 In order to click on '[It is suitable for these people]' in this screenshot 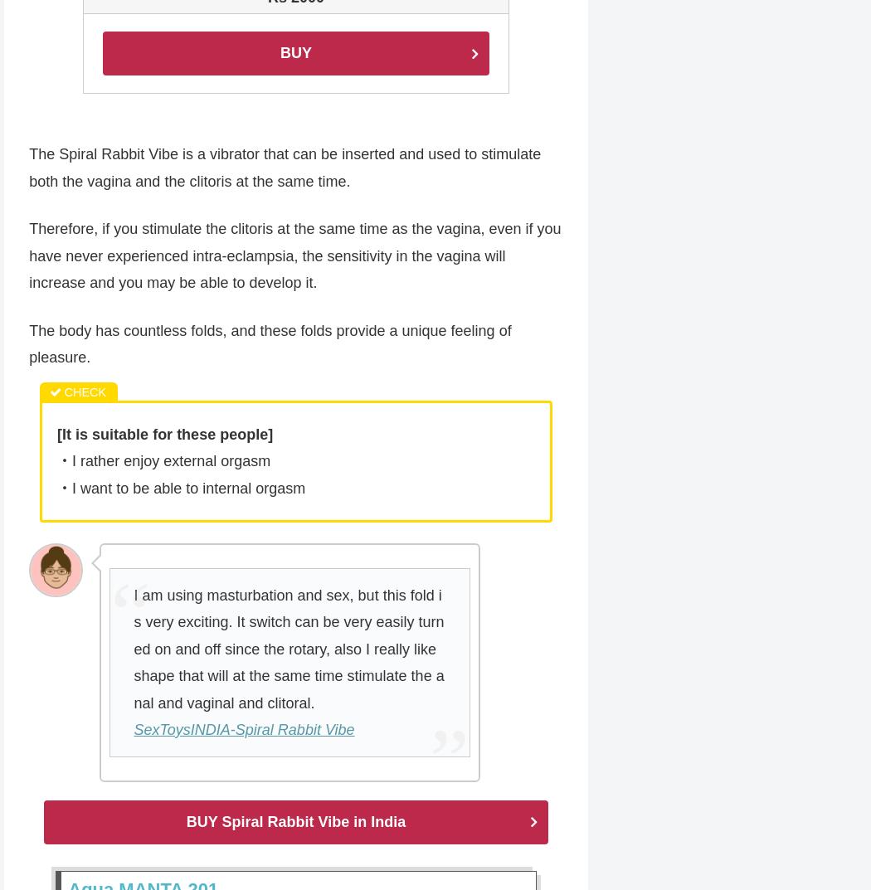, I will do `click(163, 435)`.